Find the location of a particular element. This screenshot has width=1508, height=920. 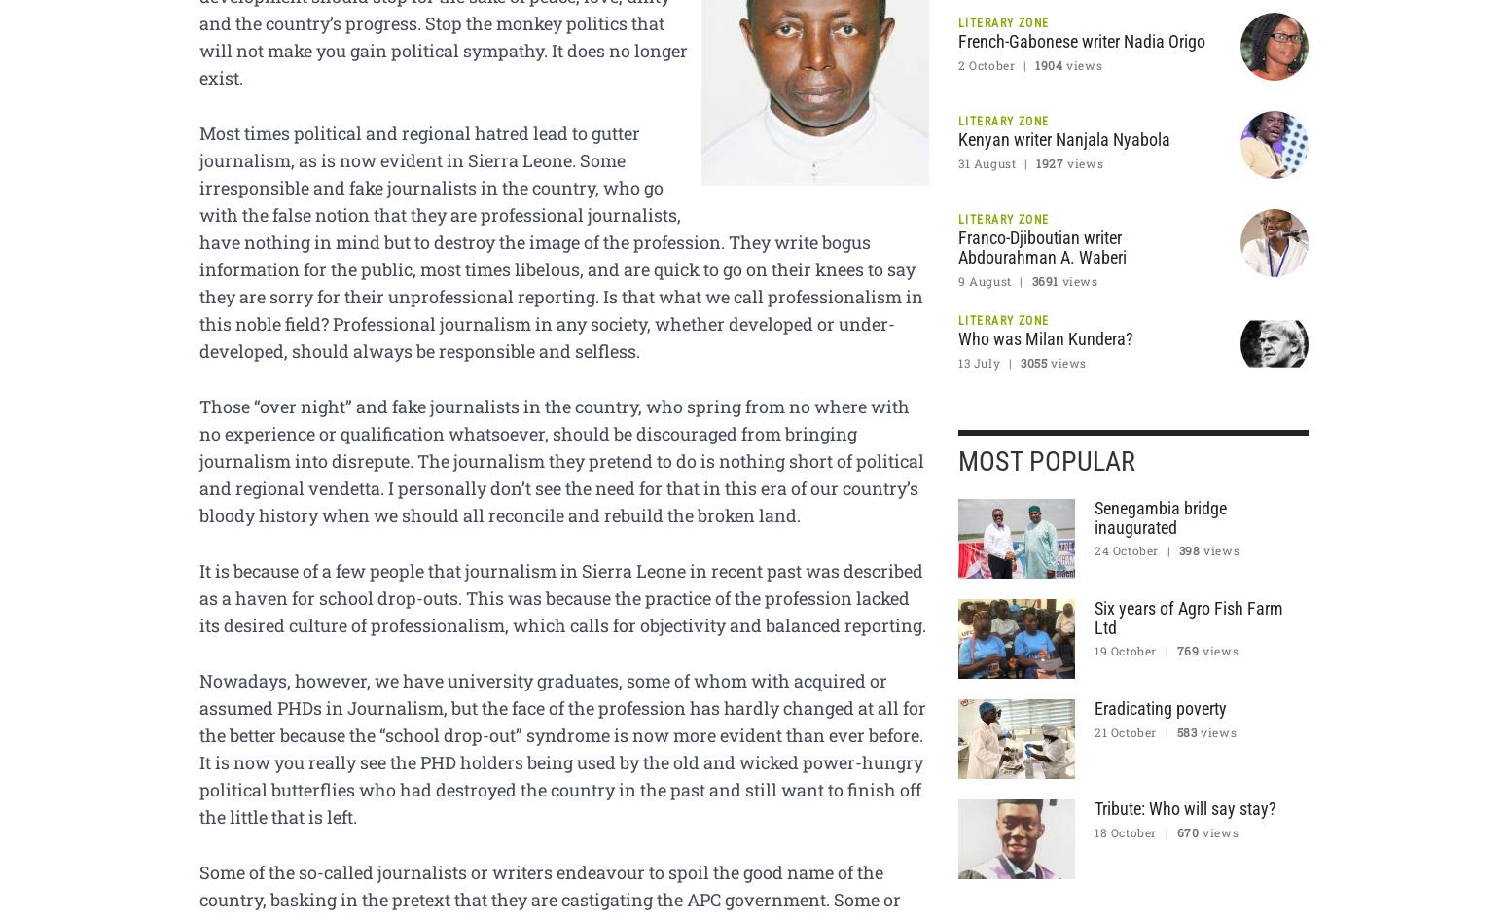

'9 August' is located at coordinates (984, 278).